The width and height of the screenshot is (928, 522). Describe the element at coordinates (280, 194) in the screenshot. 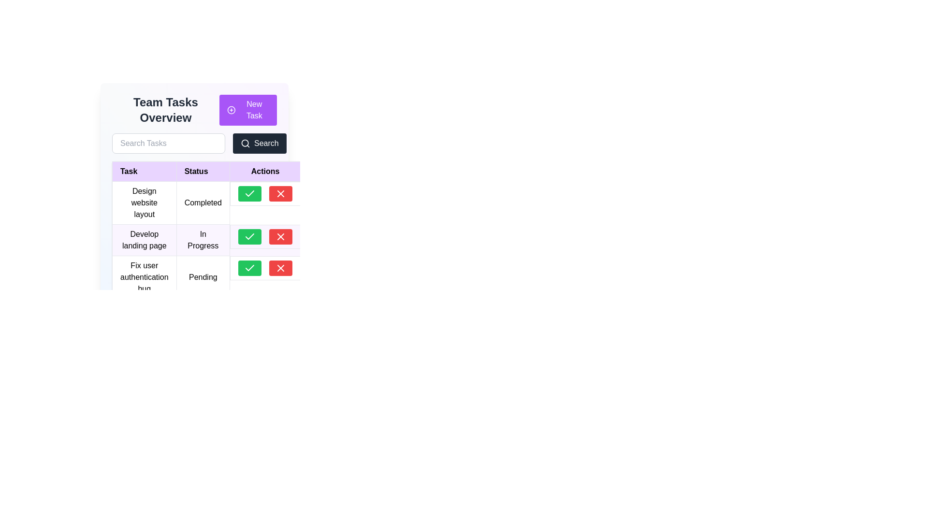

I see `the 'X' icon in the 'Actions' column of the table for the task 'Design website layout'` at that location.